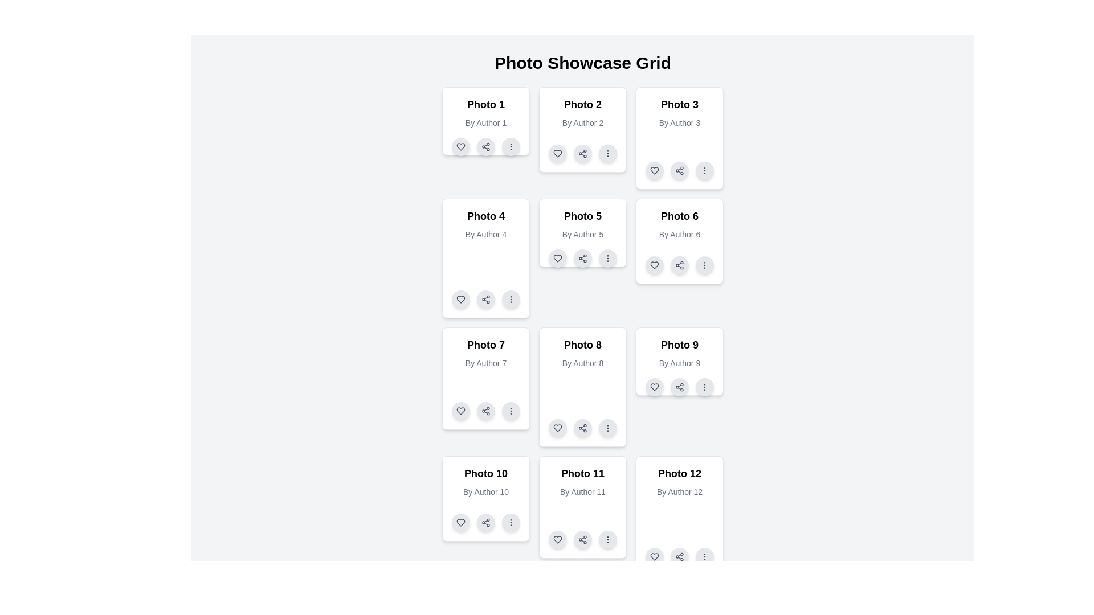 The height and width of the screenshot is (615, 1094). Describe the element at coordinates (582, 259) in the screenshot. I see `the 'share' icon, which is the second circular icon from the left in the row of three at the bottom-right section of the card titled 'Photo 5'` at that location.